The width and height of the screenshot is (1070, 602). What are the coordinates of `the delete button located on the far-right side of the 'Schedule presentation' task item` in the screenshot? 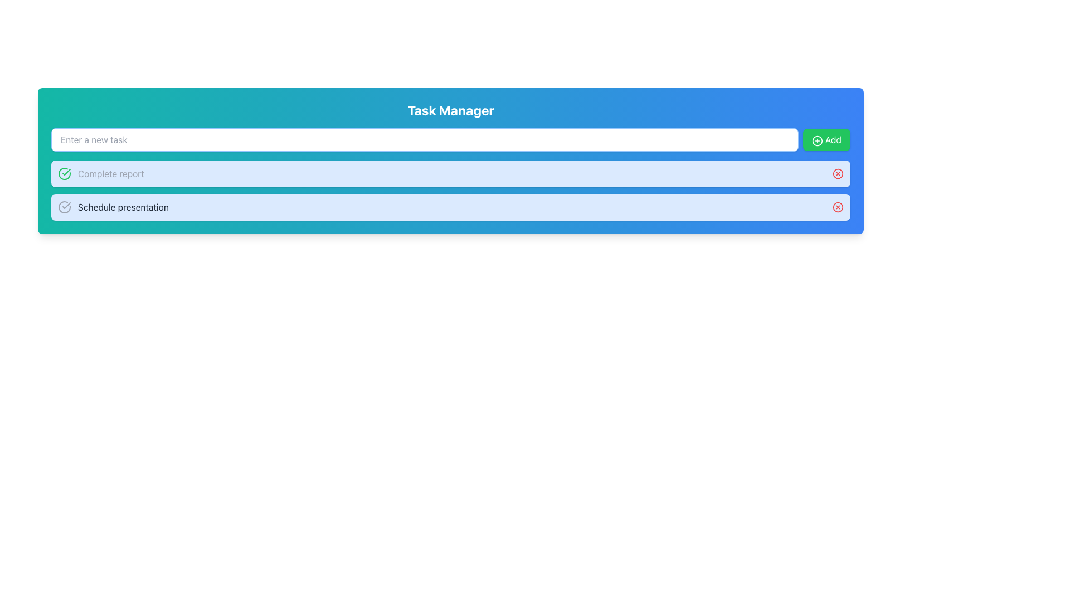 It's located at (838, 207).